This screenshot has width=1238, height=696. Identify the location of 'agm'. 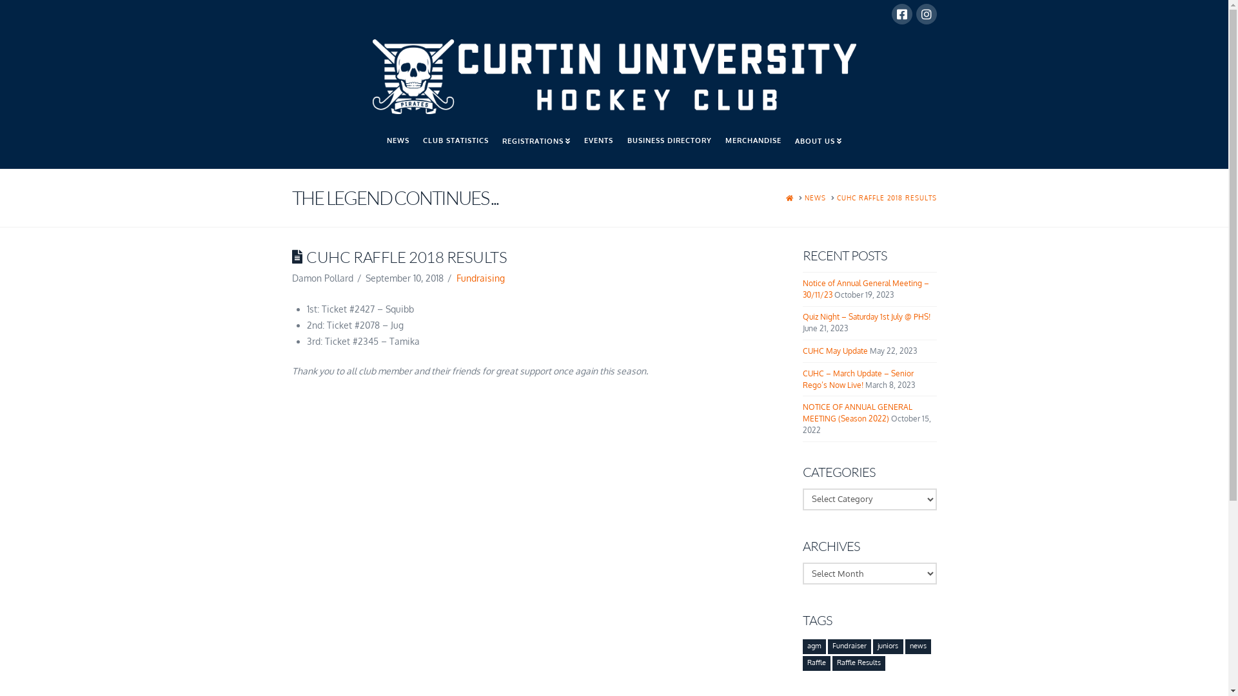
(813, 646).